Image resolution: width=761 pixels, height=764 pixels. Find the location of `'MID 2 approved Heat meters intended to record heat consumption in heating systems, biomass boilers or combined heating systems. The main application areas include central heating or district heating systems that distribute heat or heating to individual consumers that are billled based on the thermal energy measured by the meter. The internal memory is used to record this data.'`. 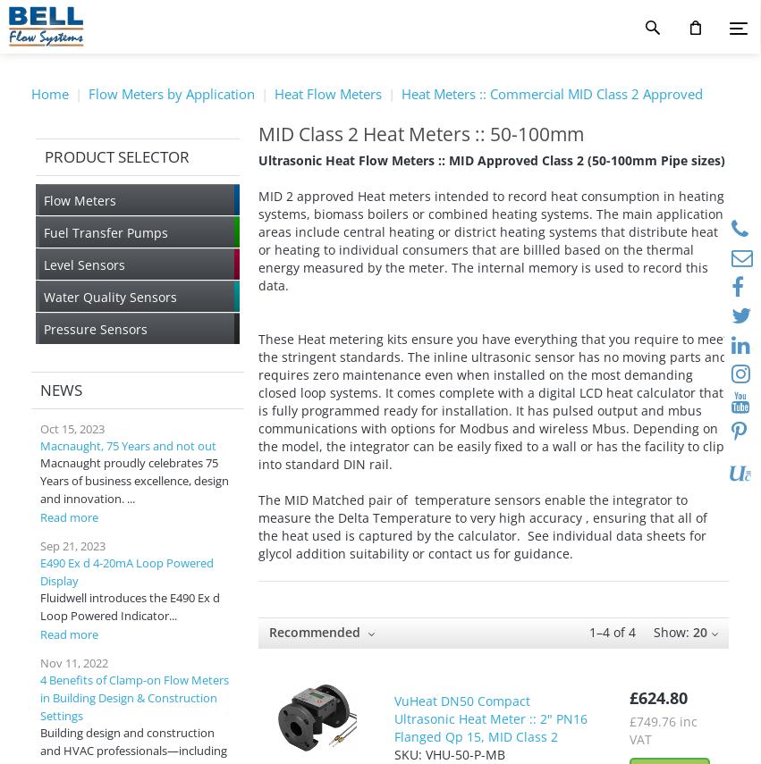

'MID 2 approved Heat meters intended to record heat consumption in heating systems, biomass boilers or combined heating systems. The main application areas include central heating or district heating systems that distribute heat or heating to individual consumers that are billled based on the thermal energy measured by the meter. The internal memory is used to record this data.' is located at coordinates (489, 240).